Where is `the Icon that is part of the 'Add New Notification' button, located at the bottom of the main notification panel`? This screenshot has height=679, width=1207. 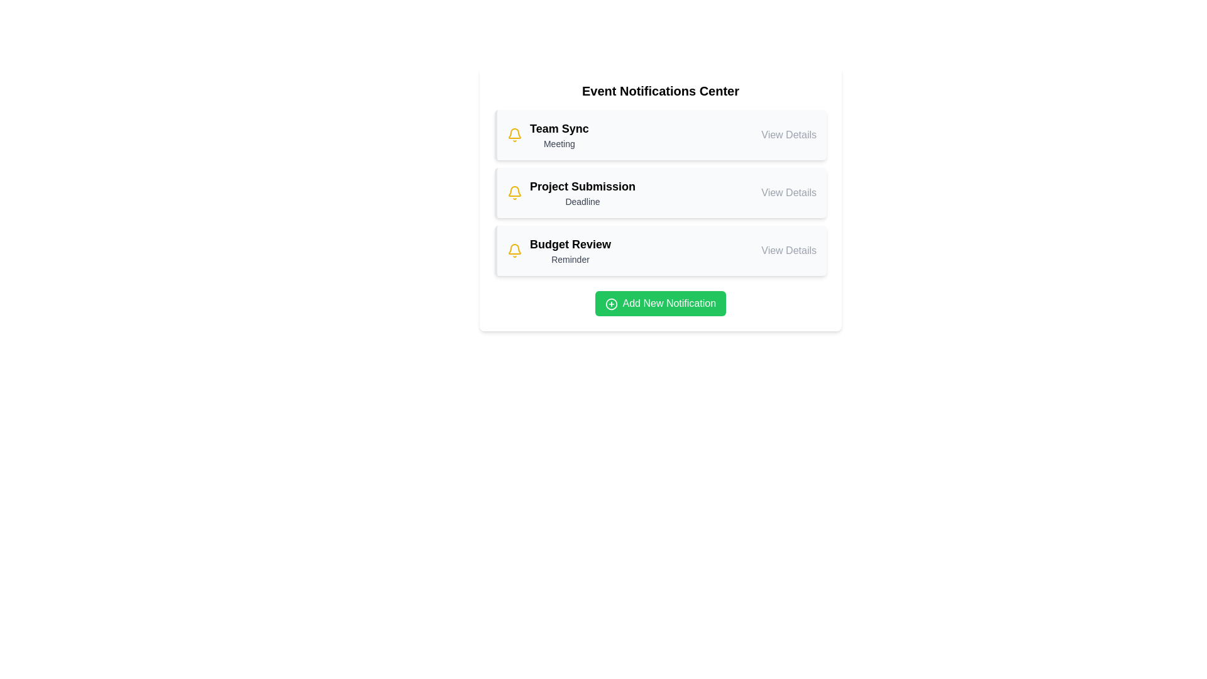
the Icon that is part of the 'Add New Notification' button, located at the bottom of the main notification panel is located at coordinates (611, 304).